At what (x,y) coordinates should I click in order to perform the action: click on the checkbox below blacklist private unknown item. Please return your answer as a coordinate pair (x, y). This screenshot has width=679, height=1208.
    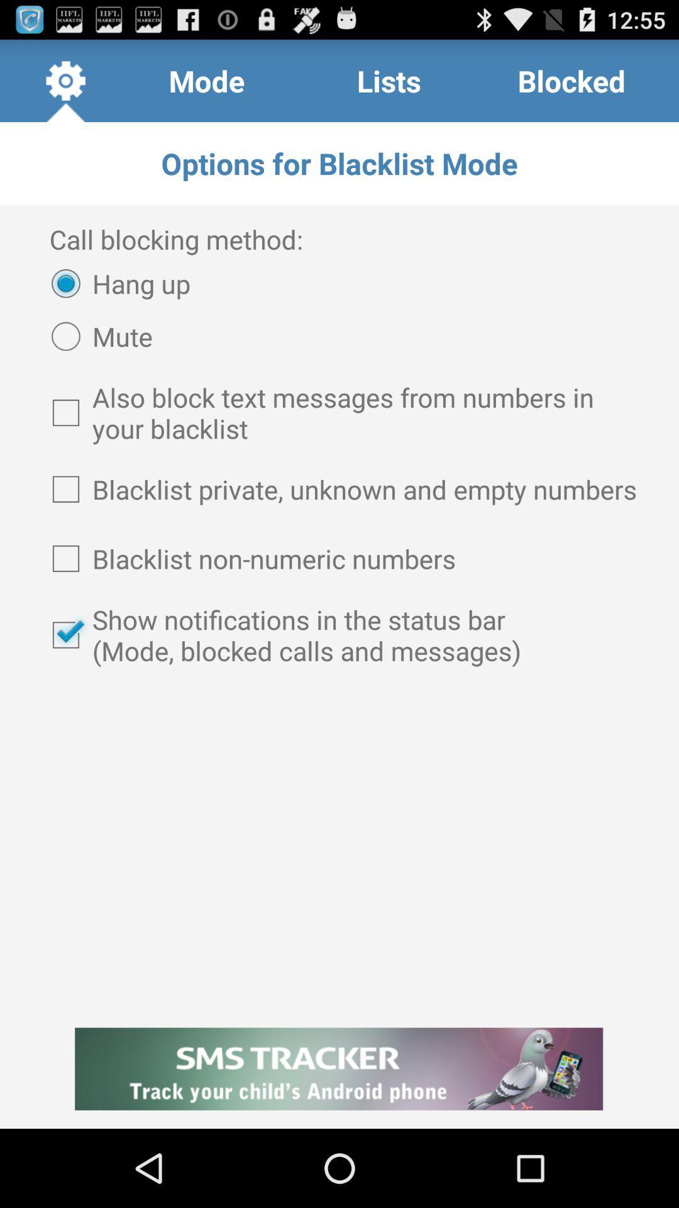
    Looking at the image, I should click on (339, 558).